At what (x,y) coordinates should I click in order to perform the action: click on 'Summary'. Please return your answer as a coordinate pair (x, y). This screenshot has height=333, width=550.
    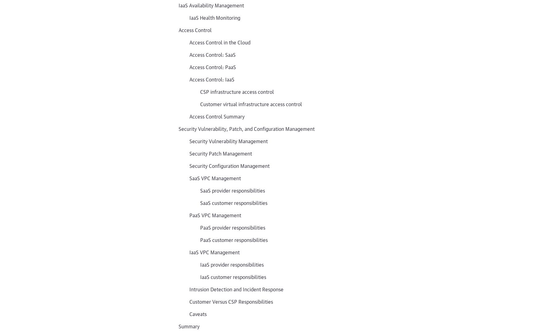
    Looking at the image, I should click on (178, 326).